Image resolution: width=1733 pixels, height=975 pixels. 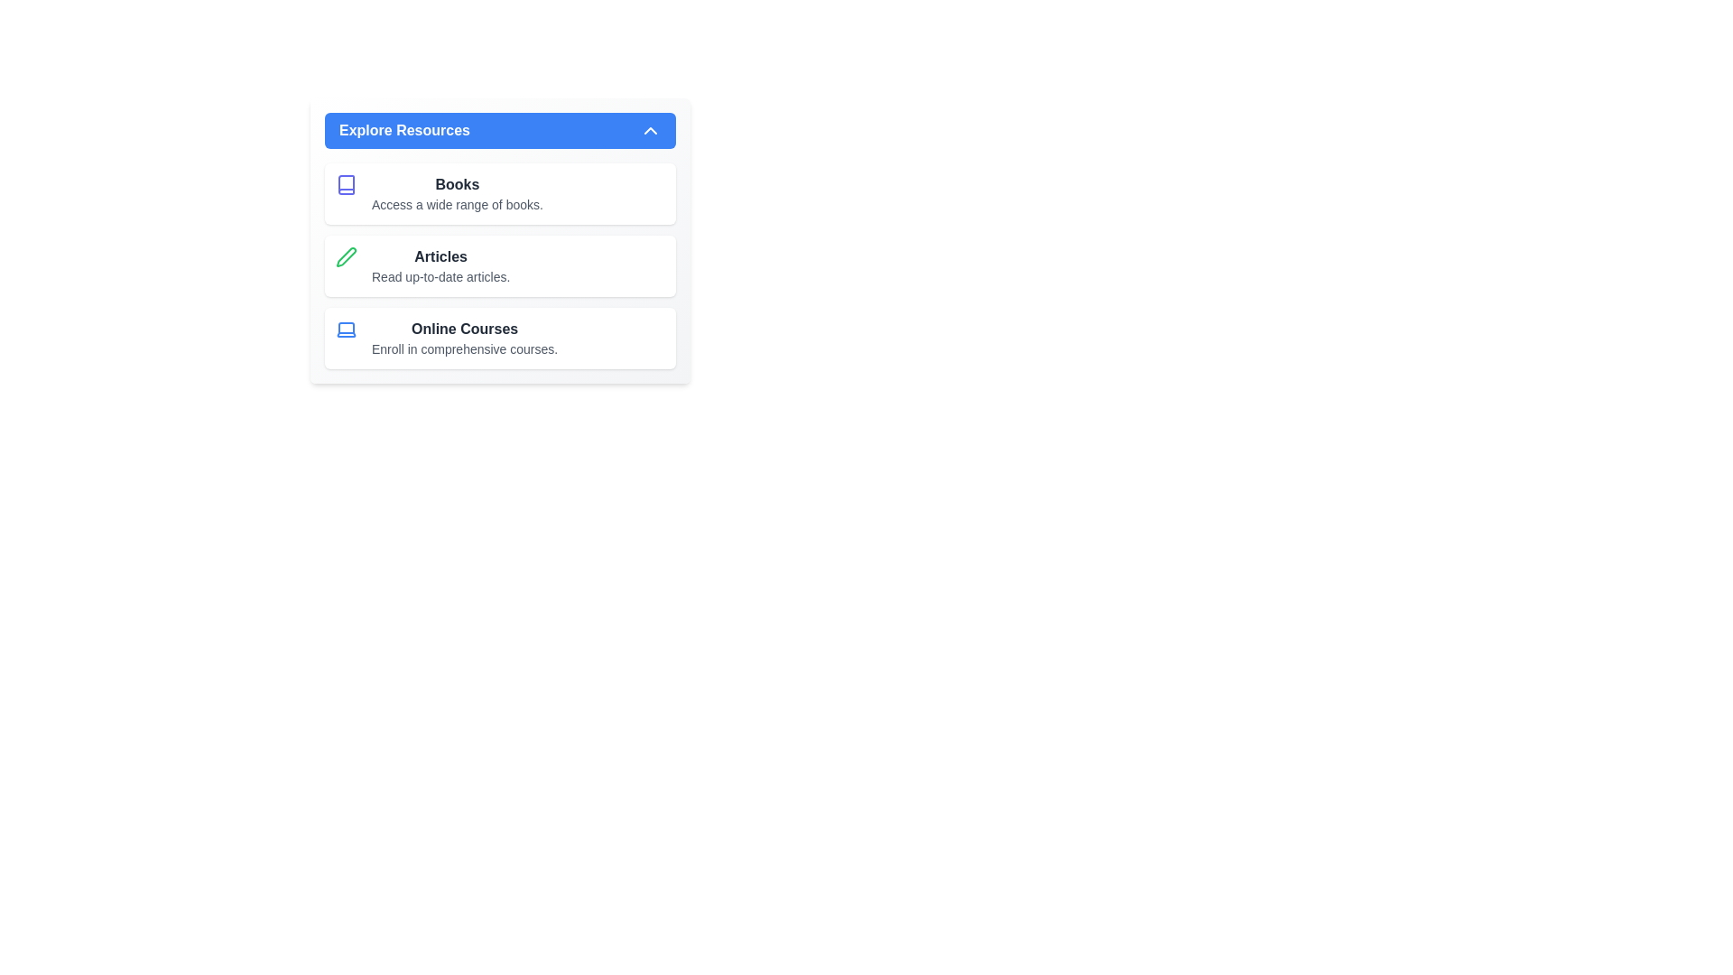 What do you see at coordinates (650, 130) in the screenshot?
I see `the upward-pointing chevron icon button located at the top-right corner of the 'Explore Resources' bar` at bounding box center [650, 130].